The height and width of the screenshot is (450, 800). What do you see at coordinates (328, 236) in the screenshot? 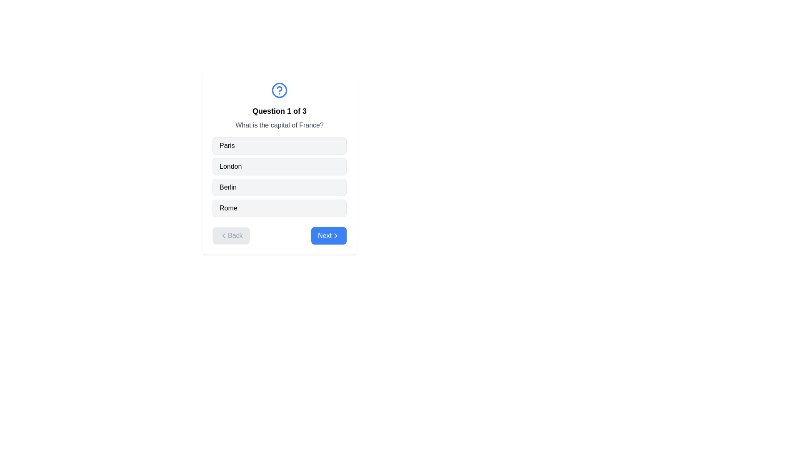
I see `the navigation button located at the bottom right corner of the 'Question 1 of 3' section to advance to the next question` at bounding box center [328, 236].